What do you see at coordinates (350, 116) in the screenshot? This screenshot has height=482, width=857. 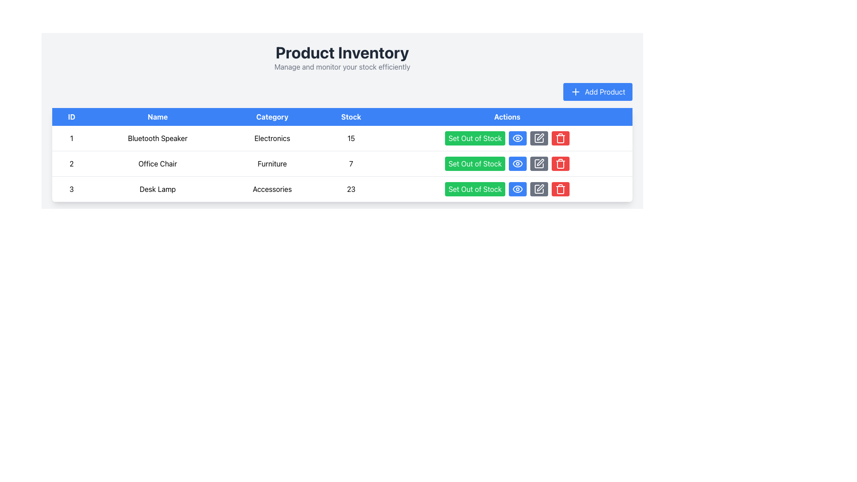 I see `the 'Stock' text label element which has a blue background and white bold text, located in the fourth column of the table header row` at bounding box center [350, 116].